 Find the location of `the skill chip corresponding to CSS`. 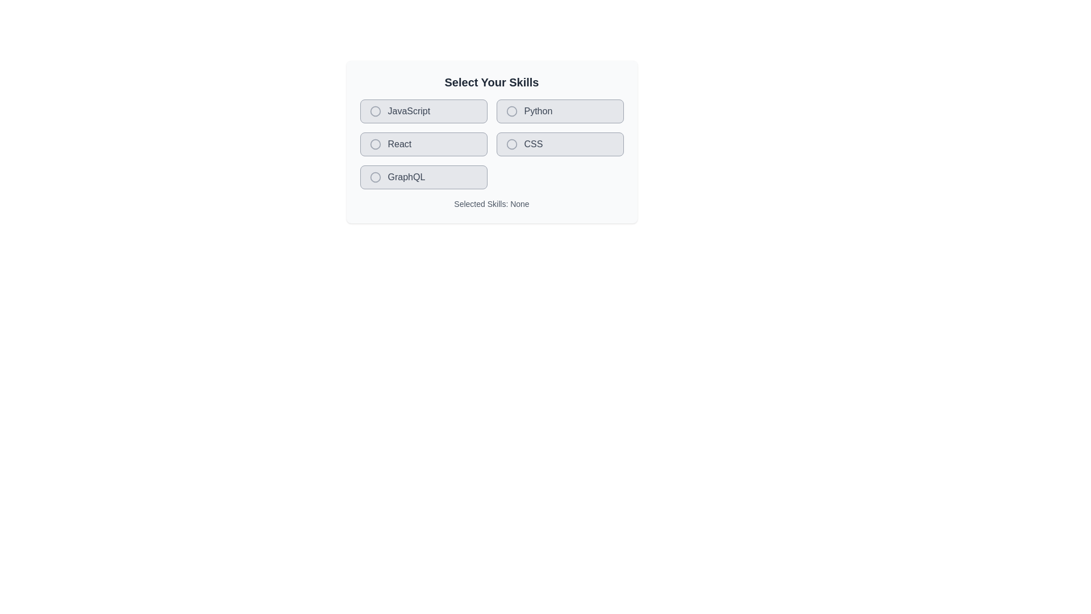

the skill chip corresponding to CSS is located at coordinates (560, 144).